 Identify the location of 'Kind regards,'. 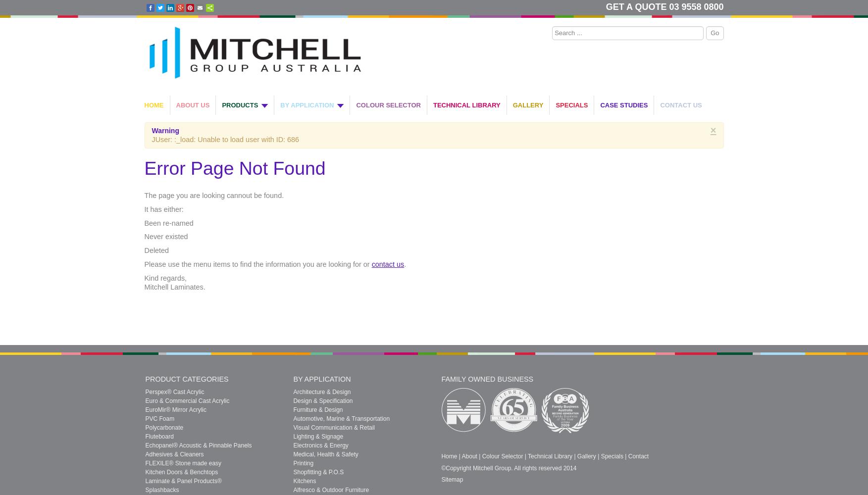
(143, 278).